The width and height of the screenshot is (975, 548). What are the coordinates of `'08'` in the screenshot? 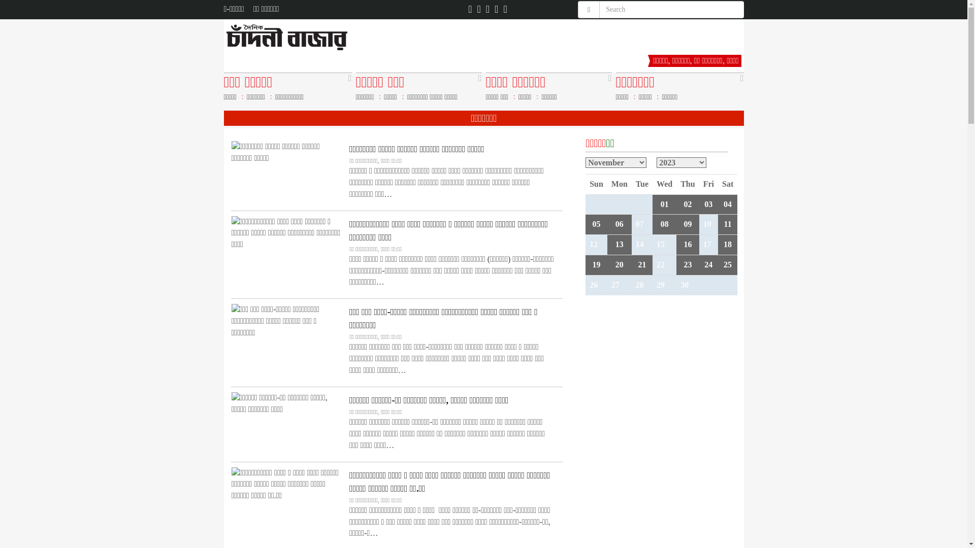 It's located at (665, 223).